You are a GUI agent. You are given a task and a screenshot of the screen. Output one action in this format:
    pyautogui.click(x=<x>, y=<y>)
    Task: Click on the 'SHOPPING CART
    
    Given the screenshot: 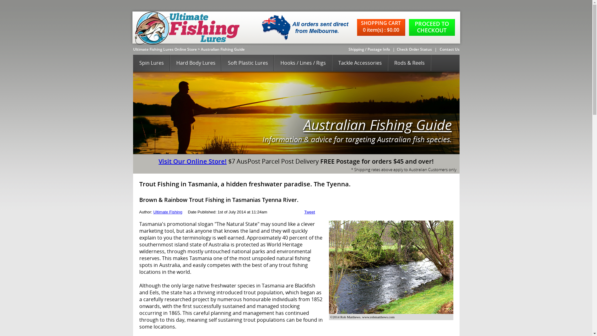 What is the action you would take?
    pyautogui.click(x=382, y=27)
    